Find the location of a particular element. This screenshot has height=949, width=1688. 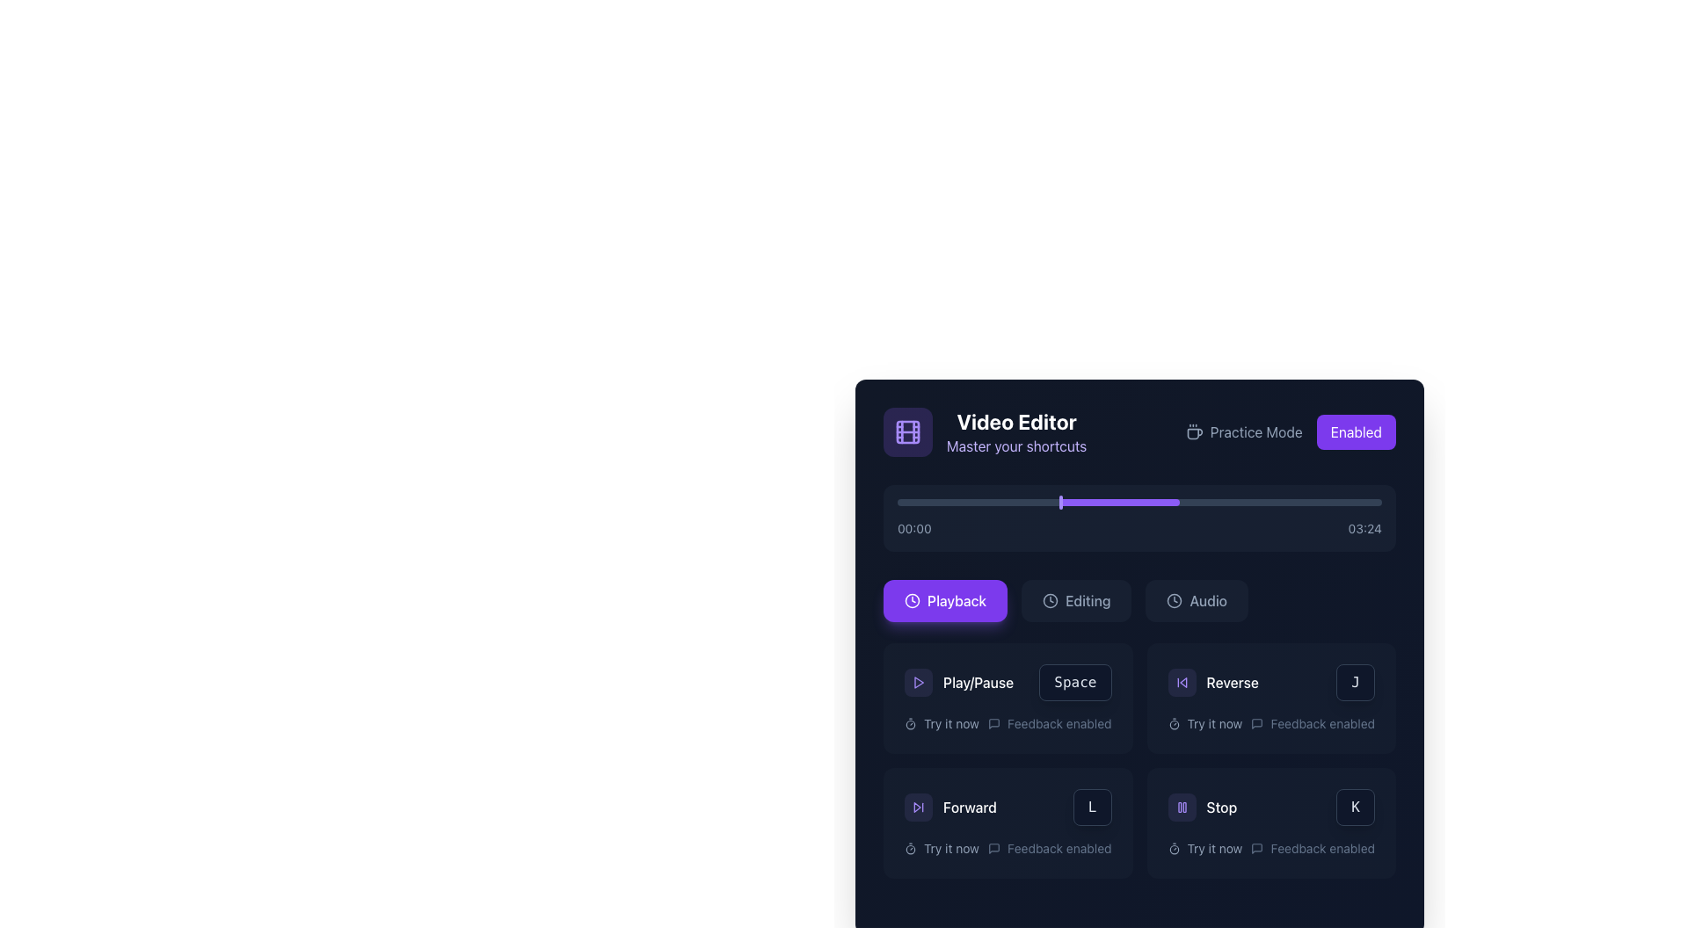

the descriptive text label located below the 'Video Editor' heading, which provides context for the application features is located at coordinates (1016, 446).